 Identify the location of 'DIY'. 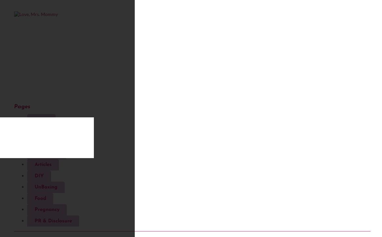
(39, 175).